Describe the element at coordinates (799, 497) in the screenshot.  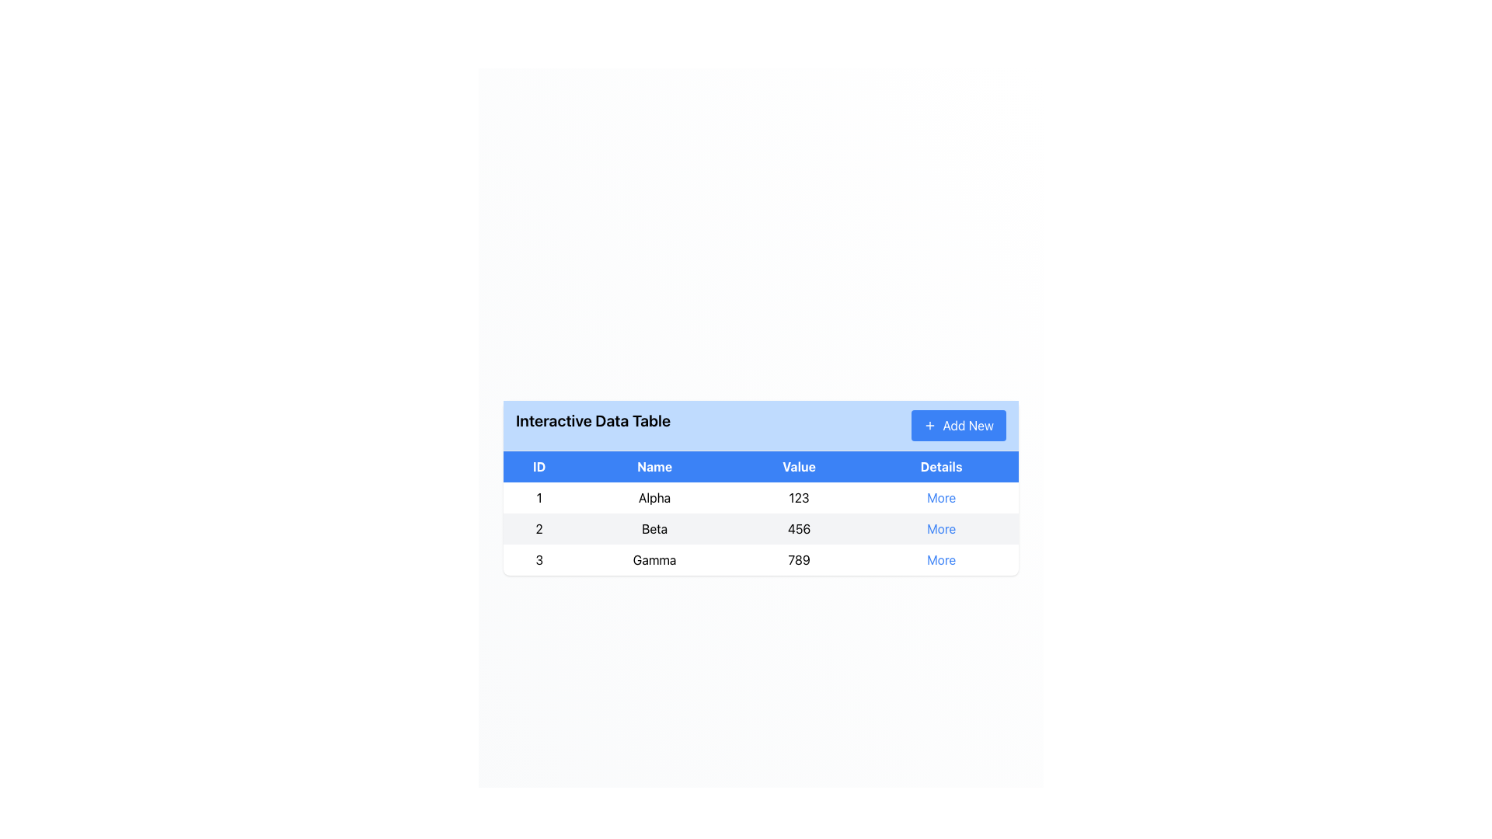
I see `the static text element displaying the numeric value '123' in the 'Value' column of the first row of the table` at that location.